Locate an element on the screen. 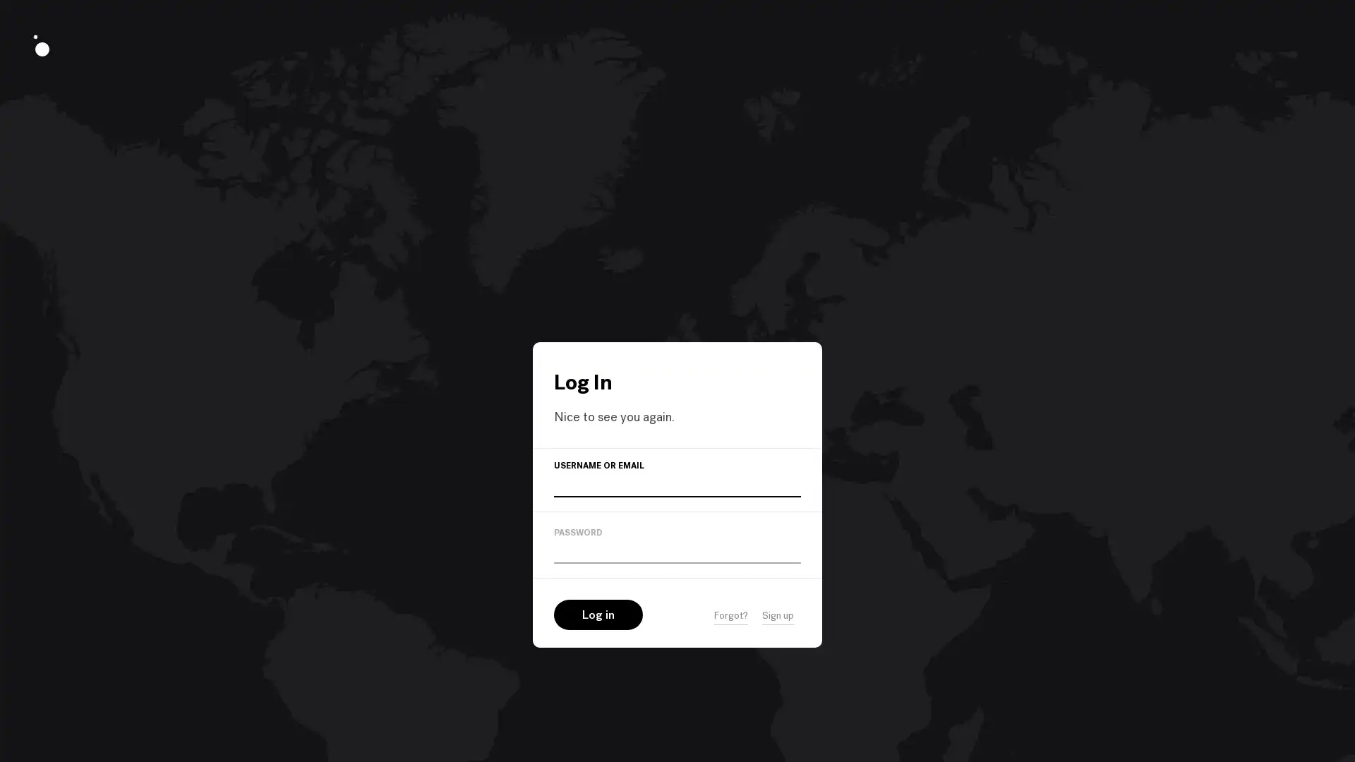  Log in is located at coordinates (598, 614).